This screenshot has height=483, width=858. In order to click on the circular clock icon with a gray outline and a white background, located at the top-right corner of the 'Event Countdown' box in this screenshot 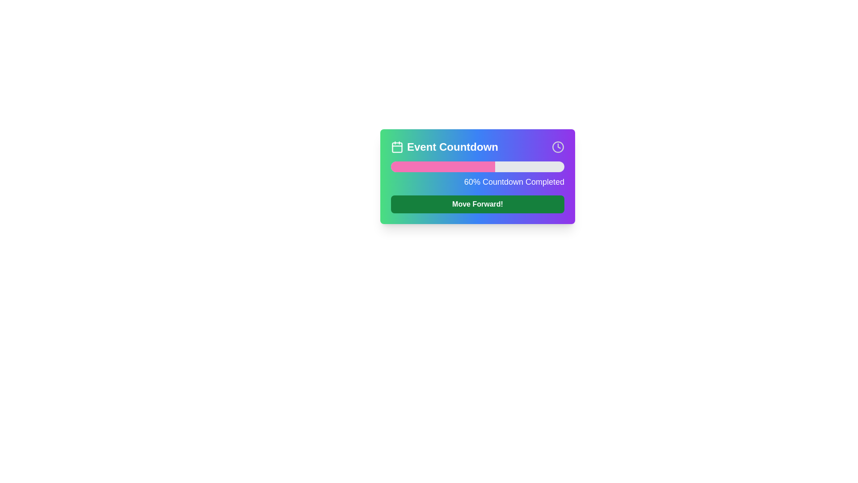, I will do `click(557, 146)`.